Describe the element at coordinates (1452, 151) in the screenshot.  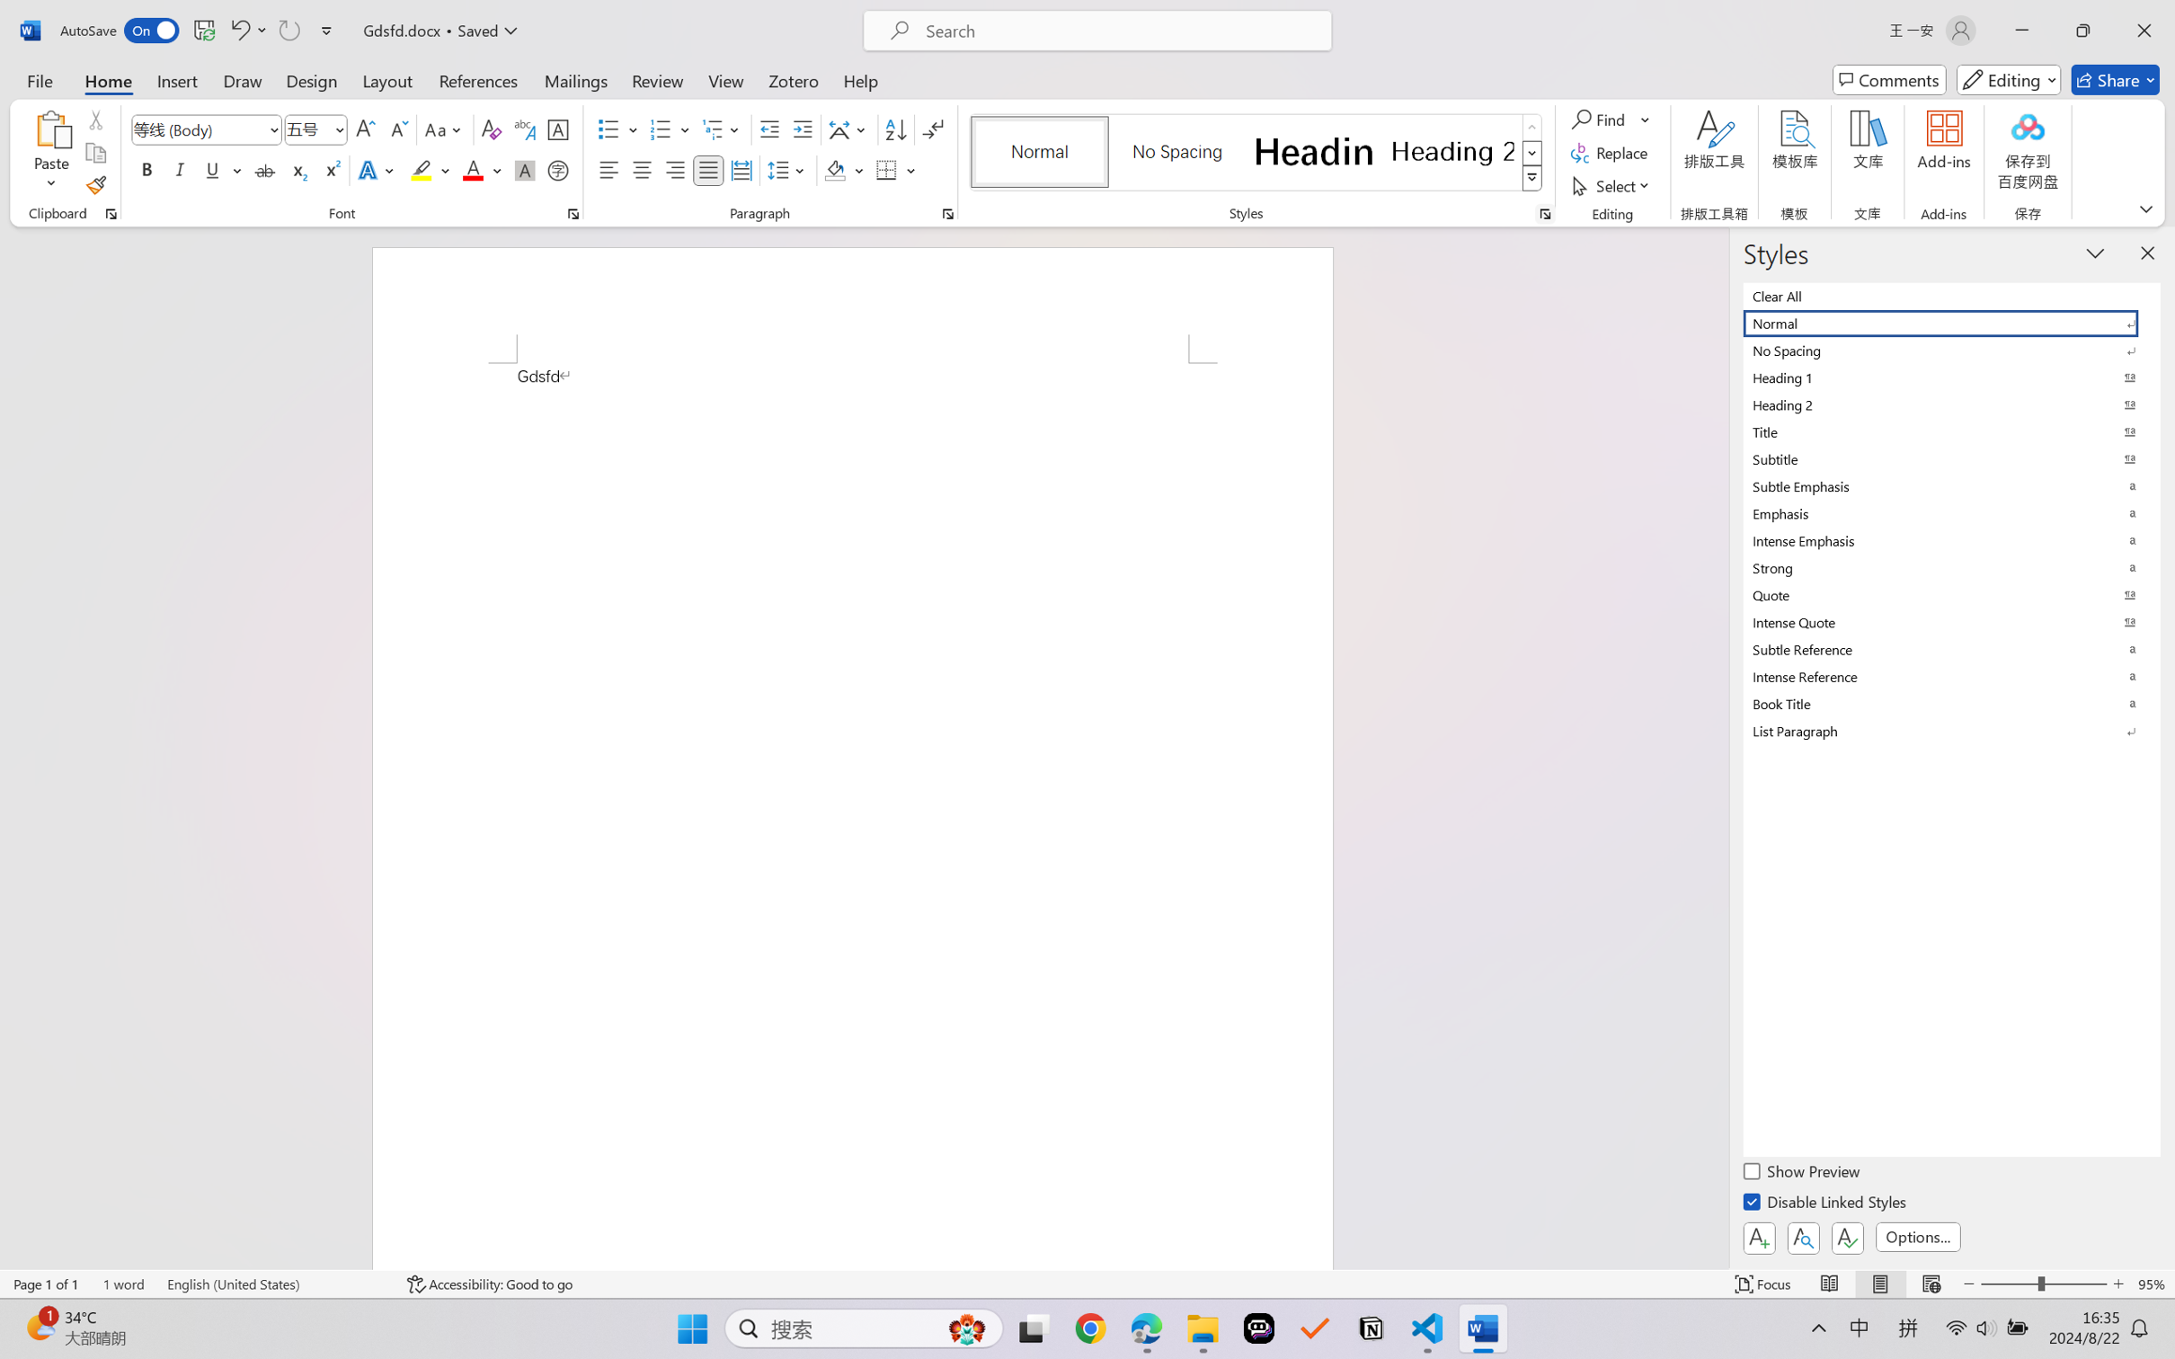
I see `'Heading 2'` at that location.